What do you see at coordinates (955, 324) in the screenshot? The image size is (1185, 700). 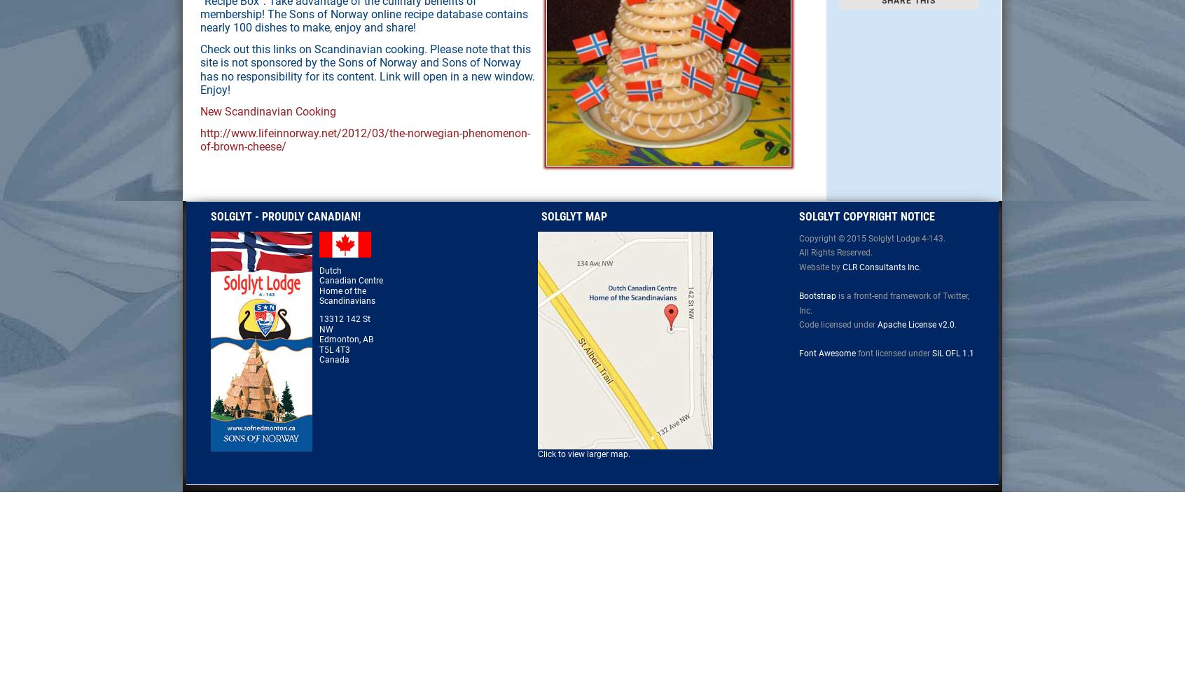 I see `'.'` at bounding box center [955, 324].